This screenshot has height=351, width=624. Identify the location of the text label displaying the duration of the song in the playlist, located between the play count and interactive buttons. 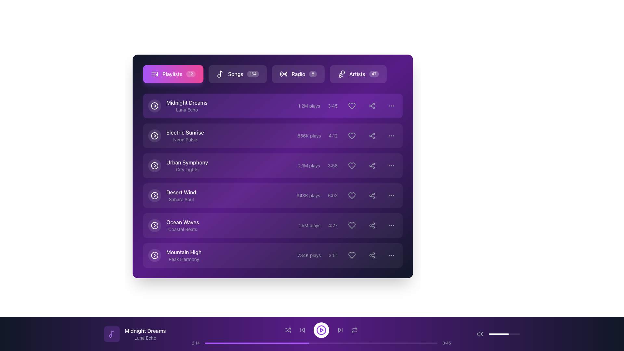
(332, 106).